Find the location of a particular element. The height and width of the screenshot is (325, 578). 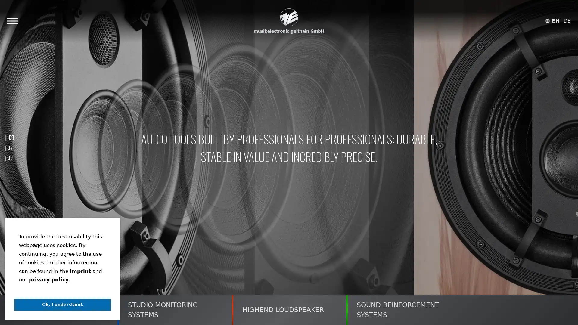

dismiss cookie message is located at coordinates (62, 304).